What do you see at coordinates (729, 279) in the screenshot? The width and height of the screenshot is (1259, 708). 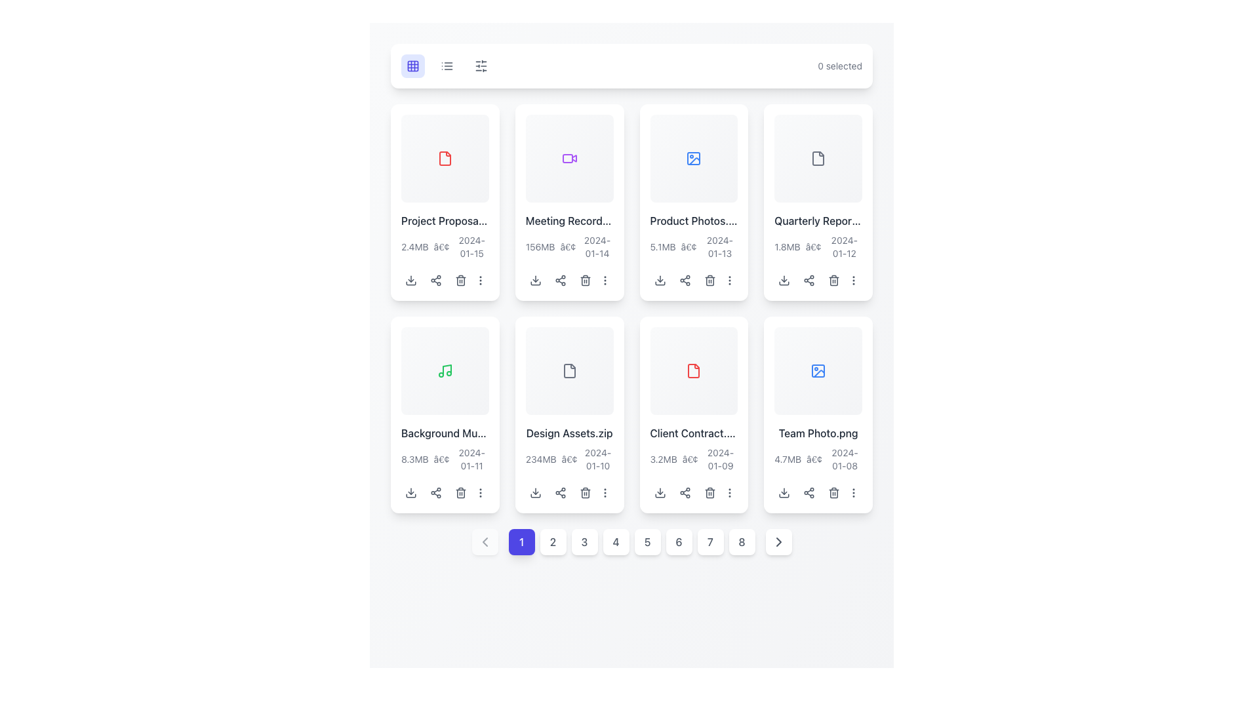 I see `the vertical ellipsis icon button located at the end of the action icons below the card titled 'Product Photos.jpg'` at bounding box center [729, 279].